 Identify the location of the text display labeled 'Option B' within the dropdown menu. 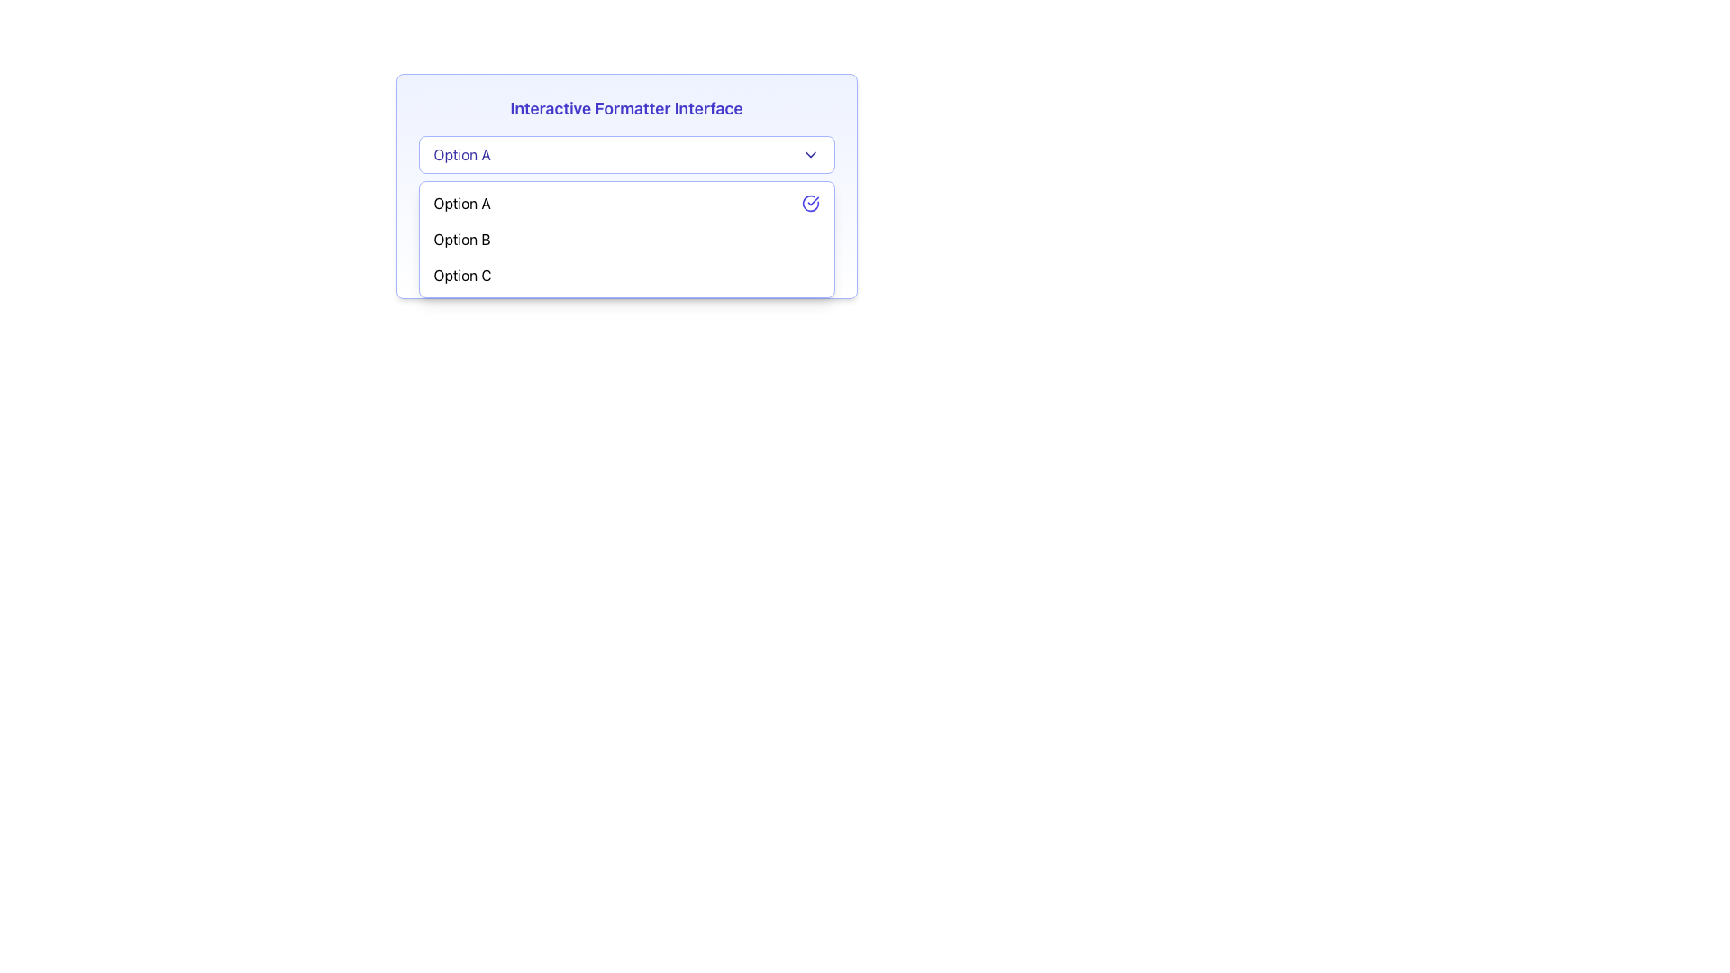
(462, 239).